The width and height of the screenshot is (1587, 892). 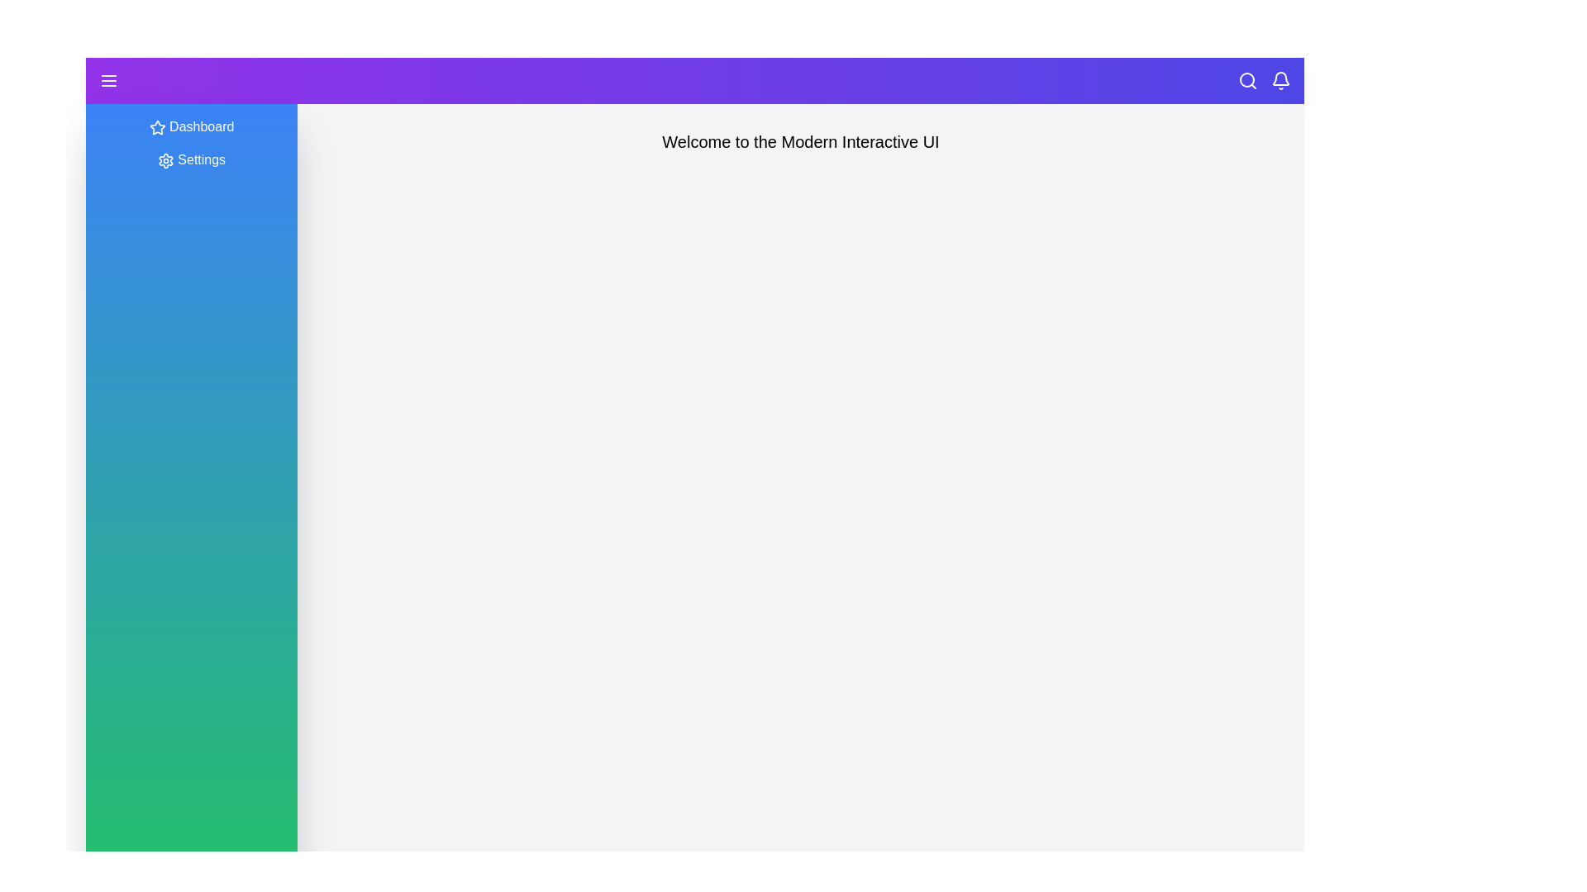 I want to click on the search icon in the header, so click(x=1248, y=80).